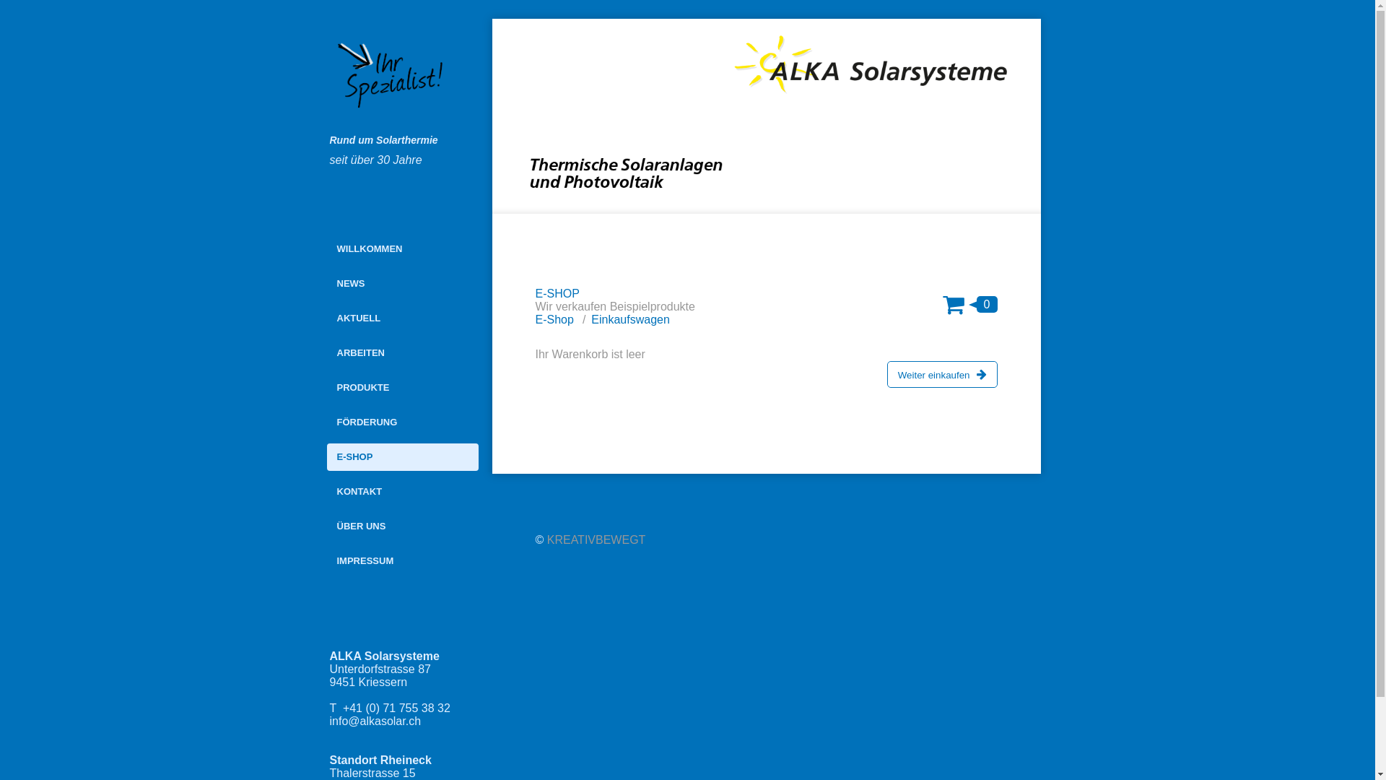 This screenshot has height=780, width=1386. I want to click on 'Weiter einkaufen', so click(942, 373).